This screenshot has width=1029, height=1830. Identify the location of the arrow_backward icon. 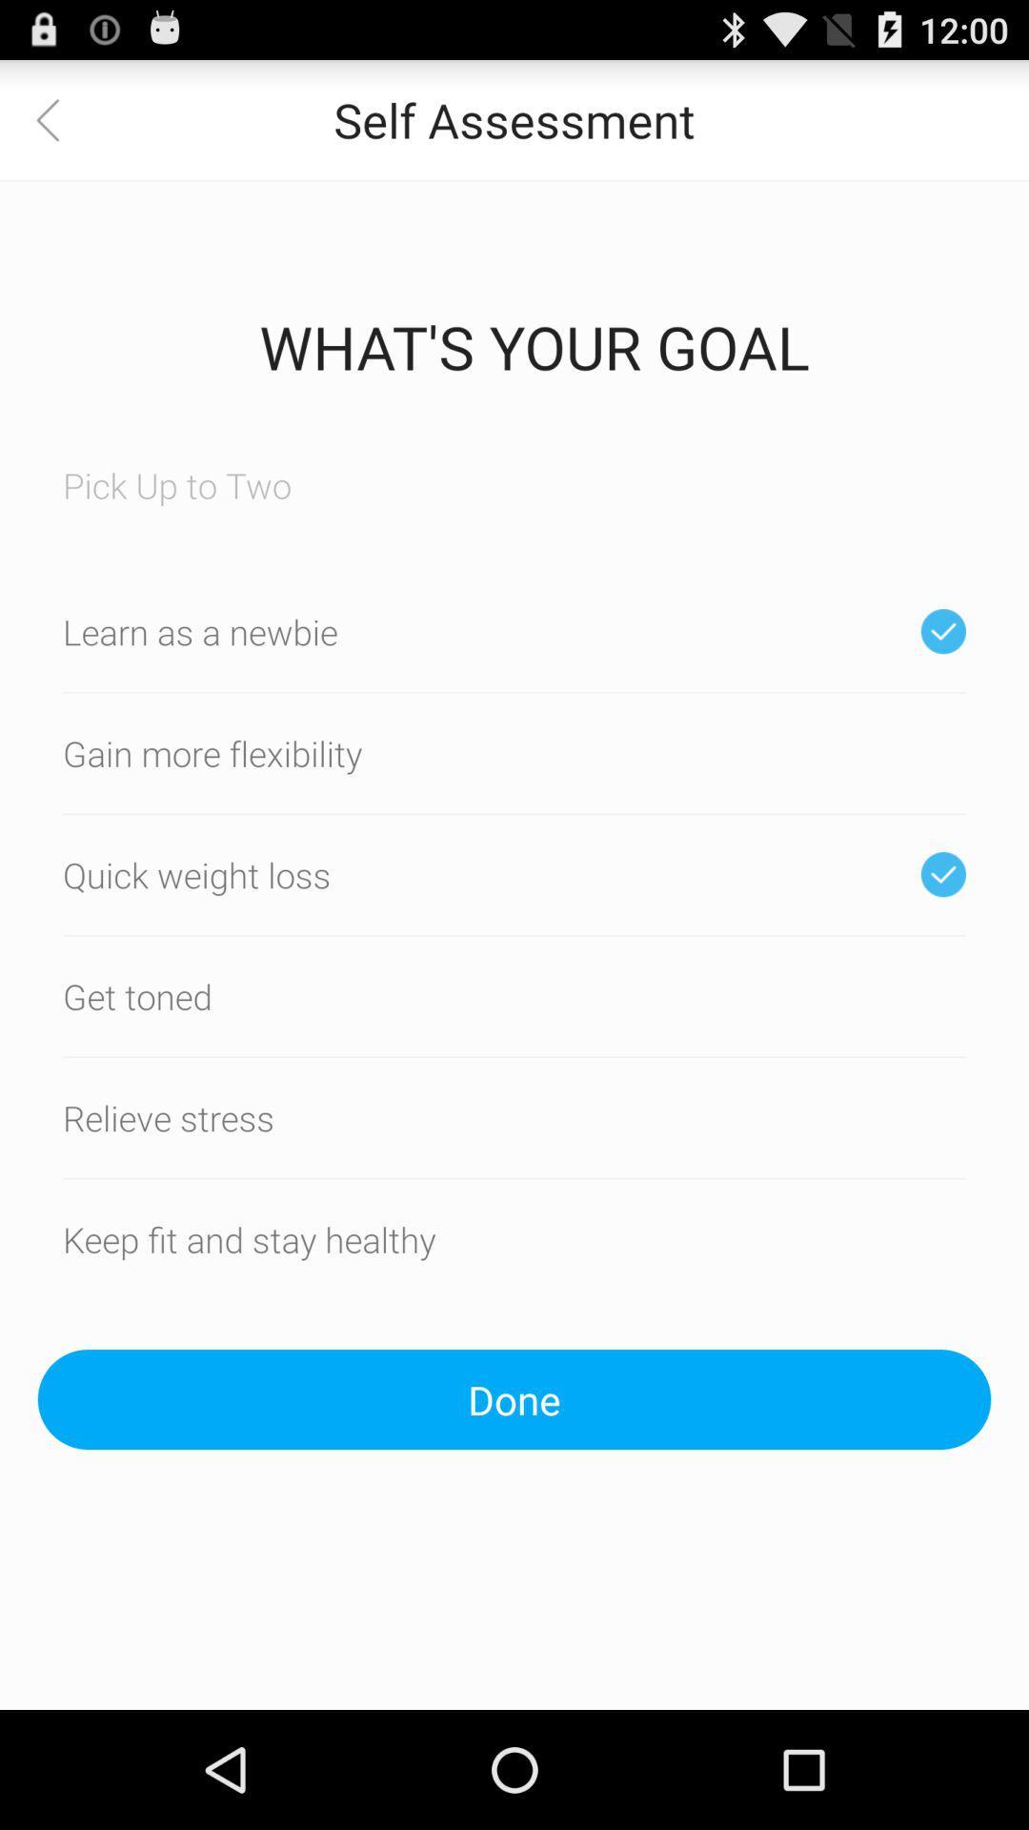
(58, 127).